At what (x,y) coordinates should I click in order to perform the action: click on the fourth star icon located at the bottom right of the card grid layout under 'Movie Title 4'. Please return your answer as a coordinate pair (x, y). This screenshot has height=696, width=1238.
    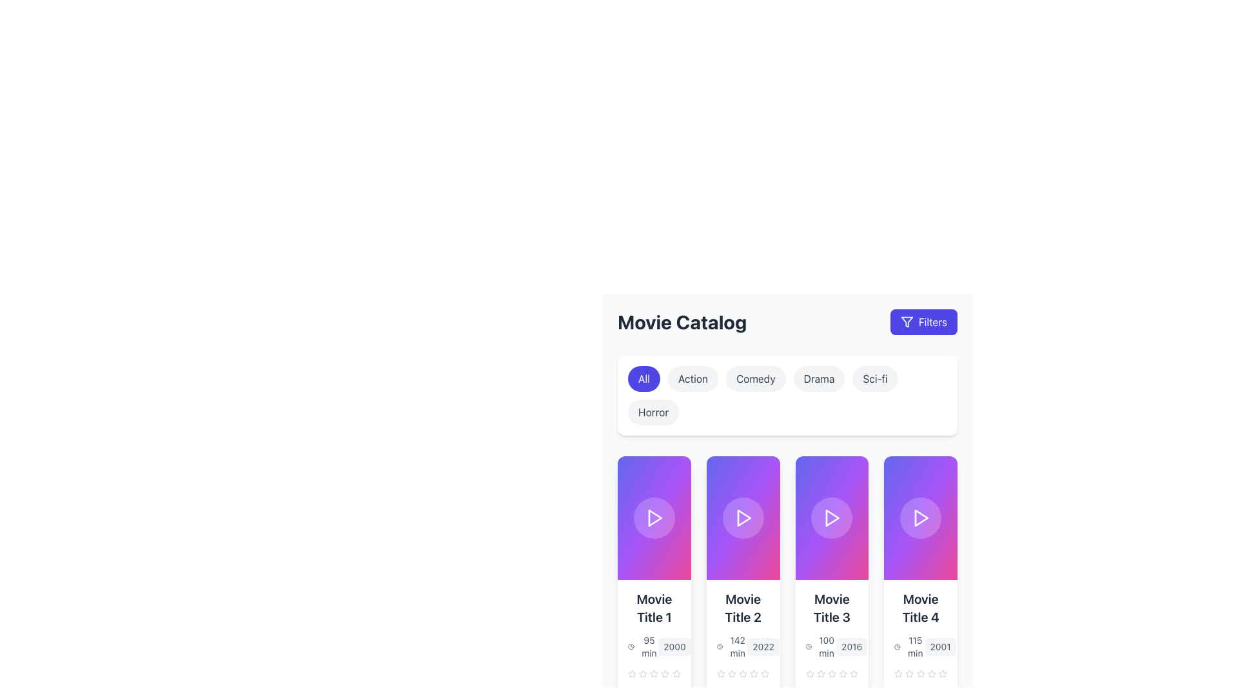
    Looking at the image, I should click on (920, 673).